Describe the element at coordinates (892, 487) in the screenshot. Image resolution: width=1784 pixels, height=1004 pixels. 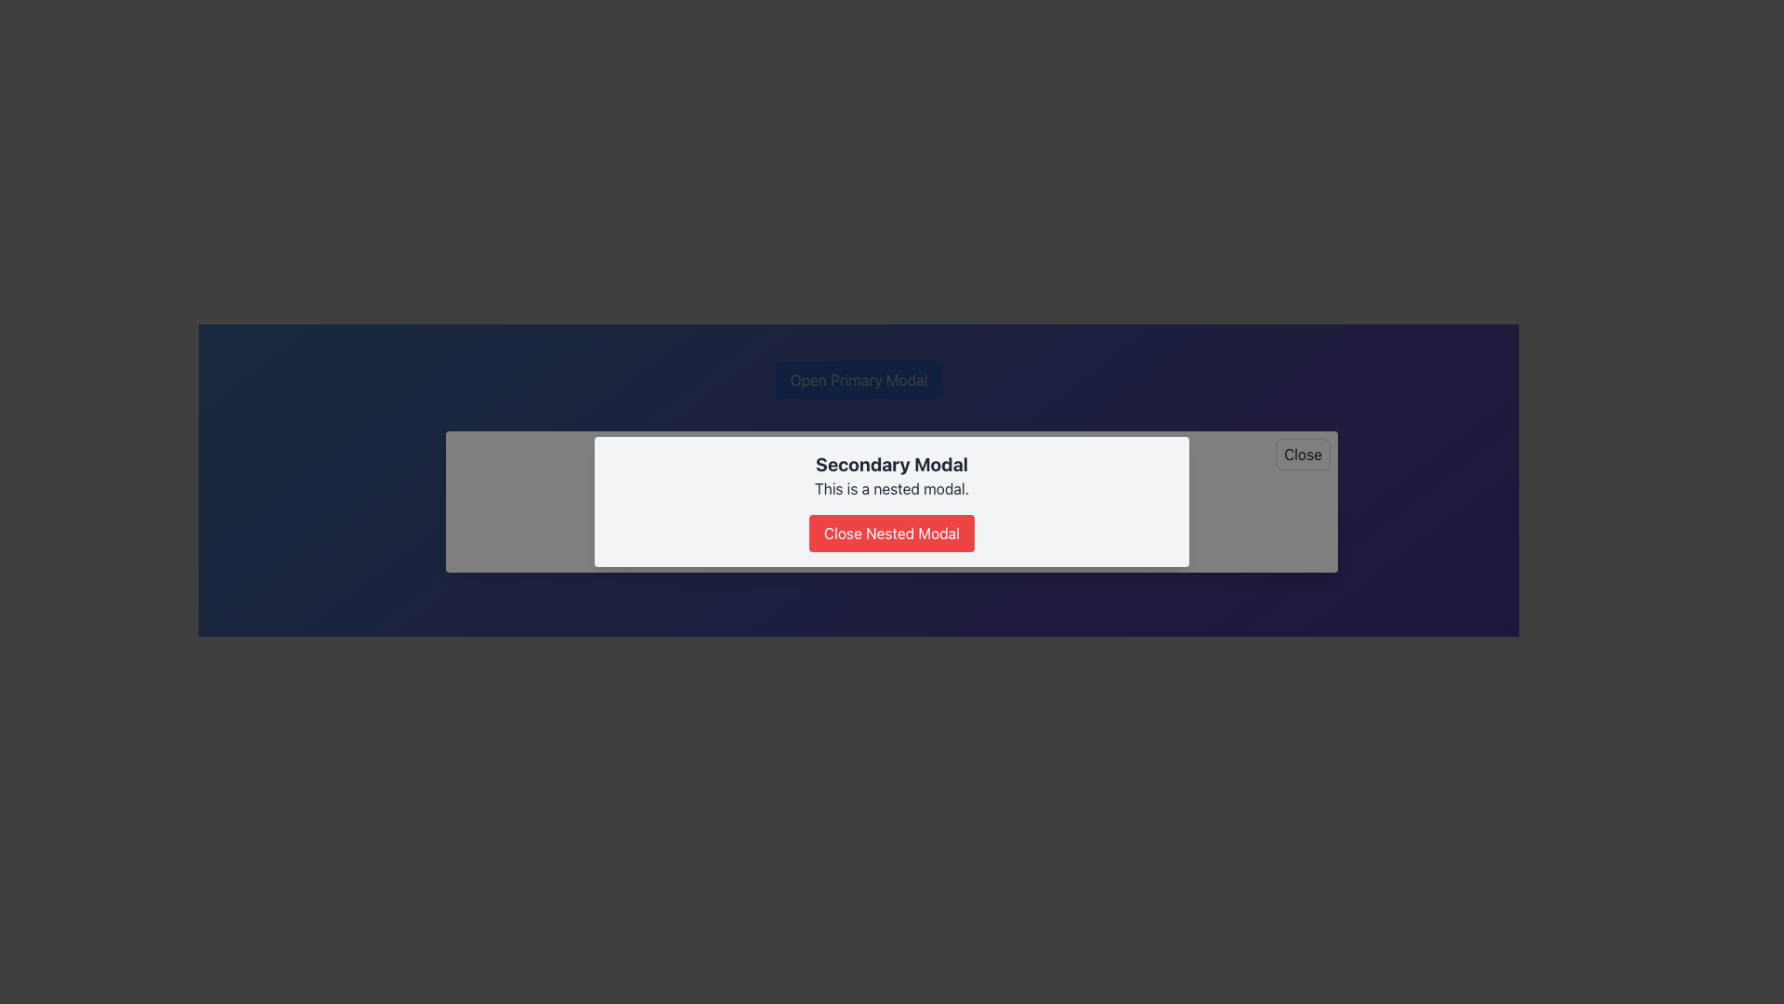
I see `description displayed in the text label located beneath the title 'Secondary Modal' and above the button 'Close Nested Modal'` at that location.